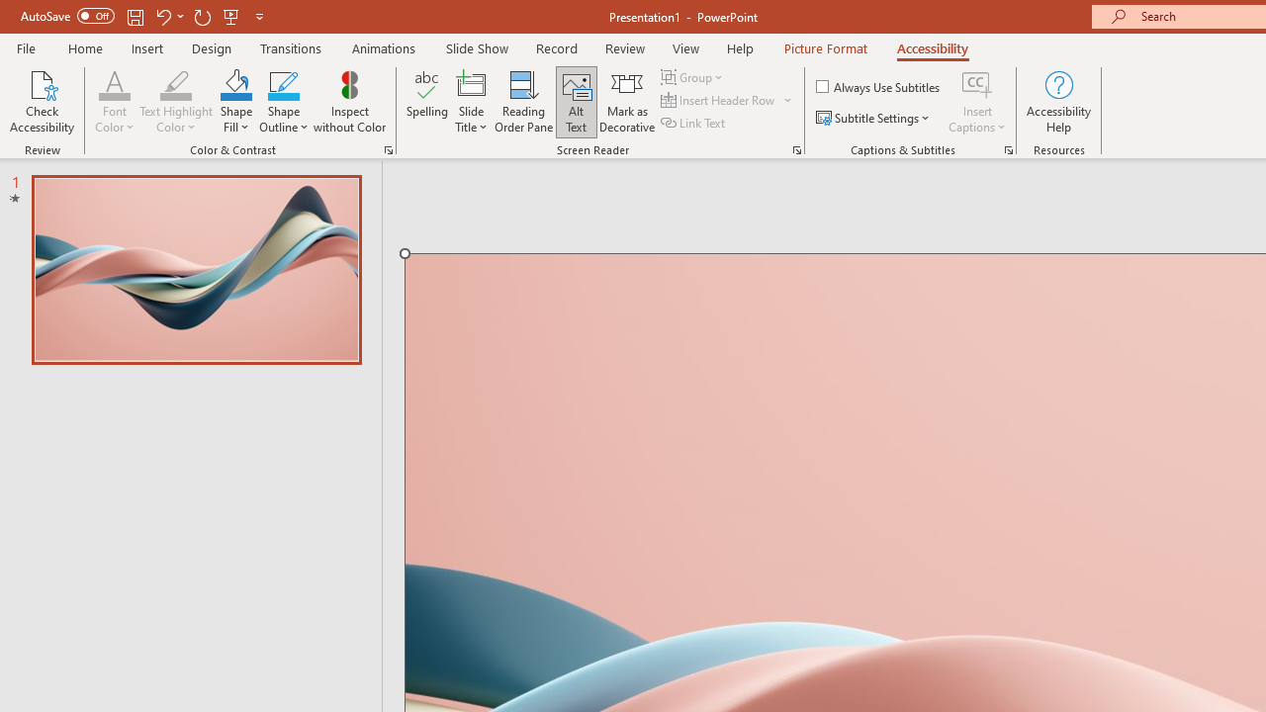 The image size is (1266, 712). I want to click on 'Screen Reader', so click(796, 148).